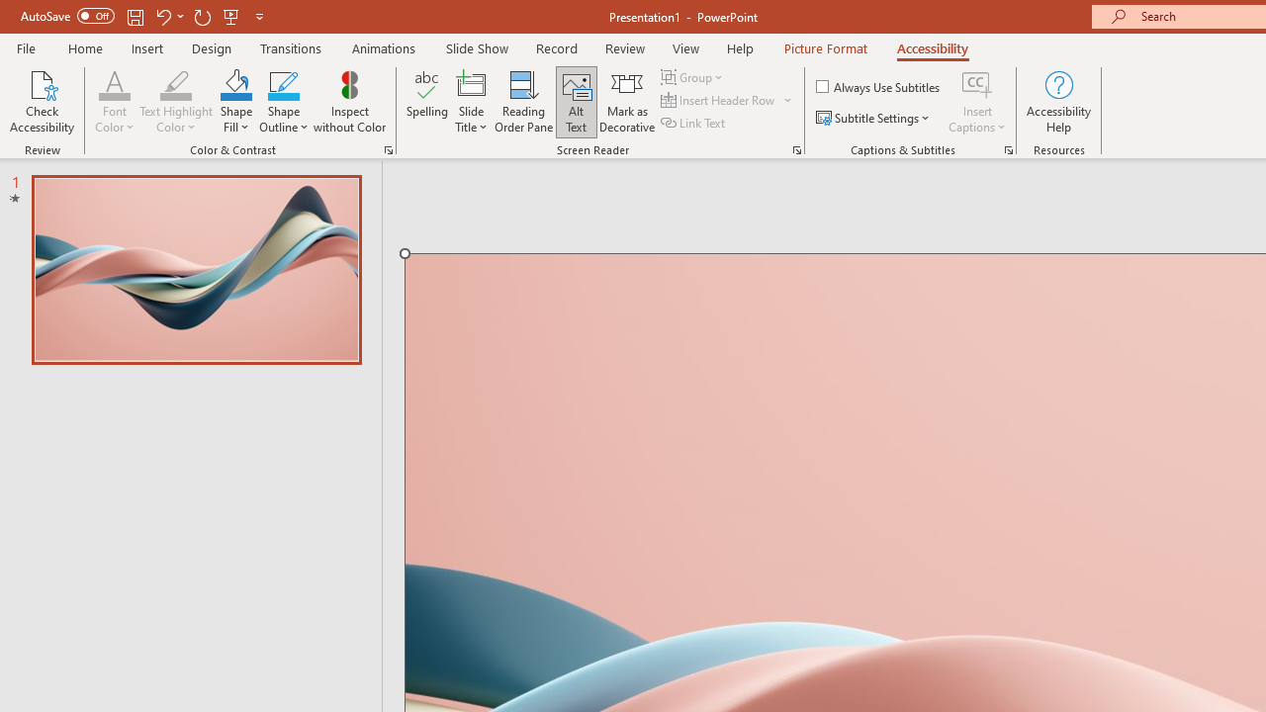 The image size is (1266, 712). I want to click on 'Screen Reader', so click(796, 148).